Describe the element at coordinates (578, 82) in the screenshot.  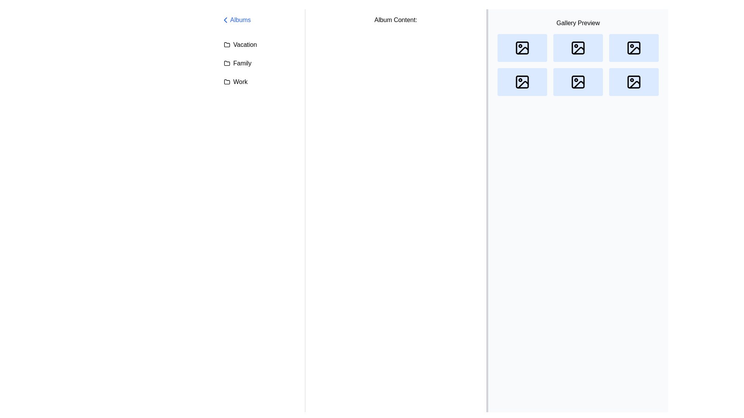
I see `the non-interactive image icon located in the second row and third column of the grid under the 'Gallery Preview' label` at that location.